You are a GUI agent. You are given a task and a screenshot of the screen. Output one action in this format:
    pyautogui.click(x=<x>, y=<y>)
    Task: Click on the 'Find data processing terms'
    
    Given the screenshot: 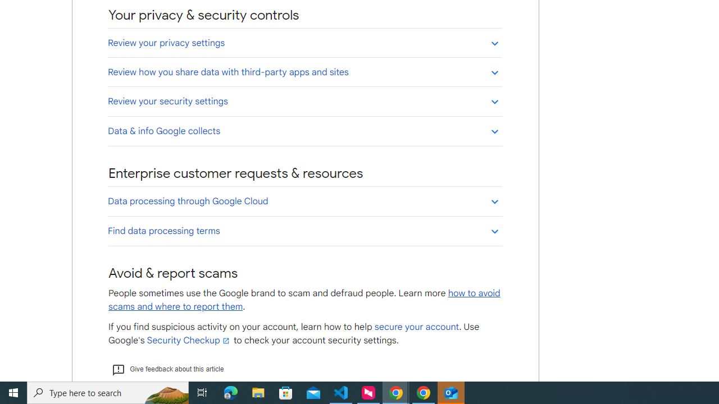 What is the action you would take?
    pyautogui.click(x=304, y=230)
    